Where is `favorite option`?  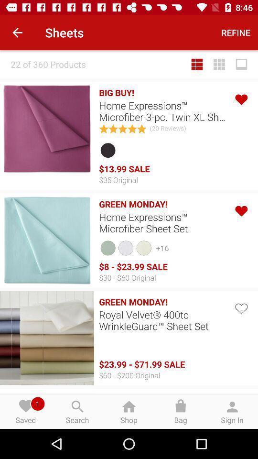
favorite option is located at coordinates (240, 210).